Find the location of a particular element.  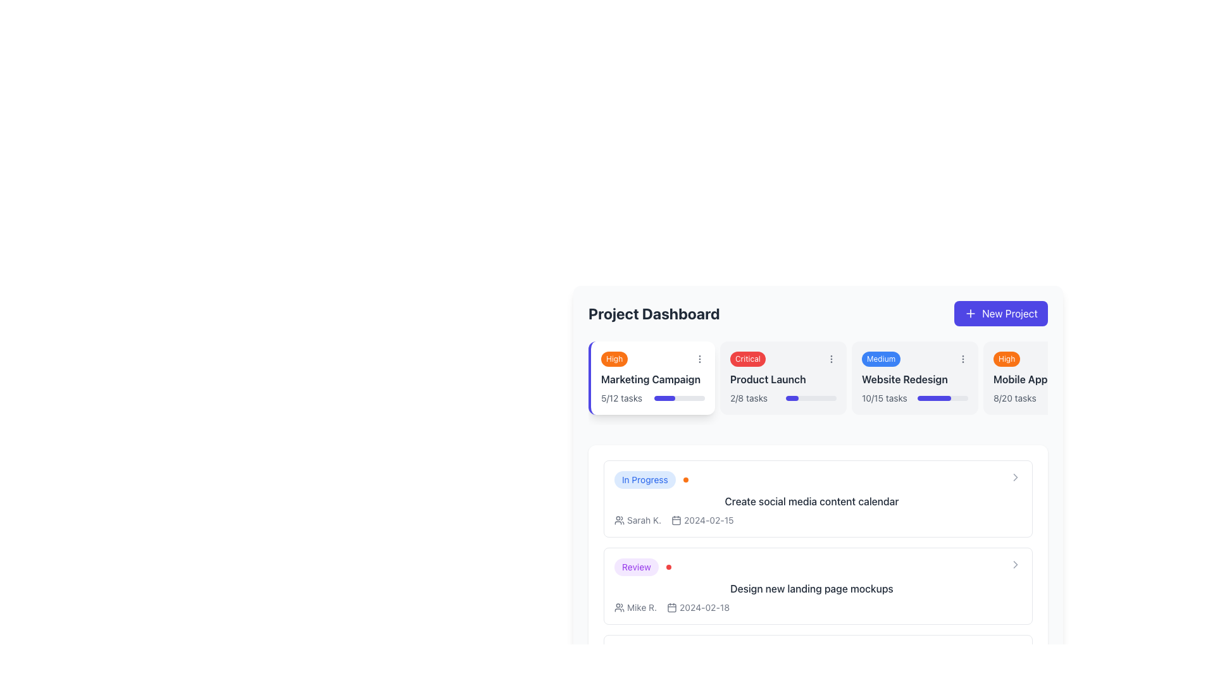

the calendar icon represented as a minimalist SVG element, located next to the date '2024-02-15' in the dashboard is located at coordinates (676, 520).